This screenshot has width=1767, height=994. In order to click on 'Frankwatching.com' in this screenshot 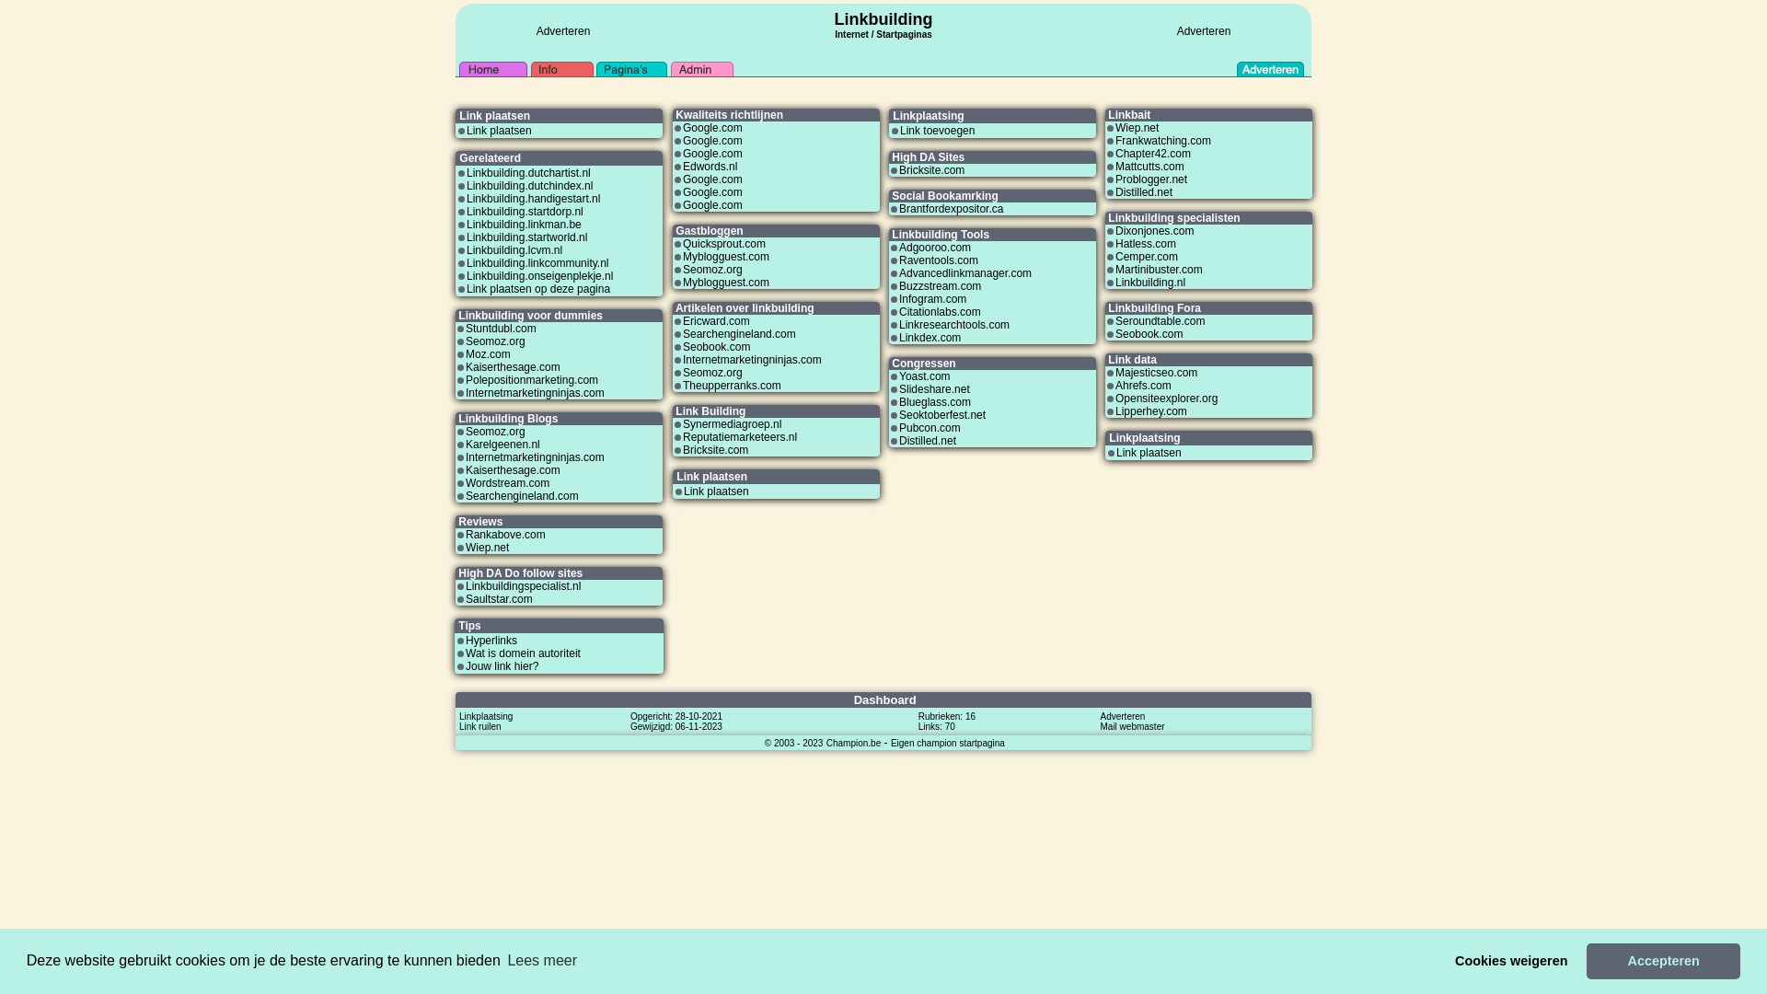, I will do `click(1161, 140)`.